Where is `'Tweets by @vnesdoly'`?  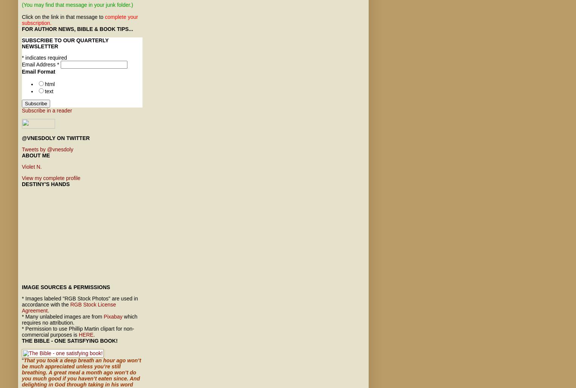
'Tweets by @vnesdoly' is located at coordinates (47, 149).